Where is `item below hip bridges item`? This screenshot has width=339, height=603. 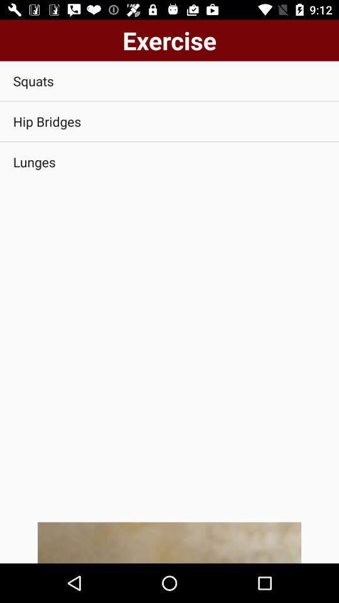 item below hip bridges item is located at coordinates (169, 161).